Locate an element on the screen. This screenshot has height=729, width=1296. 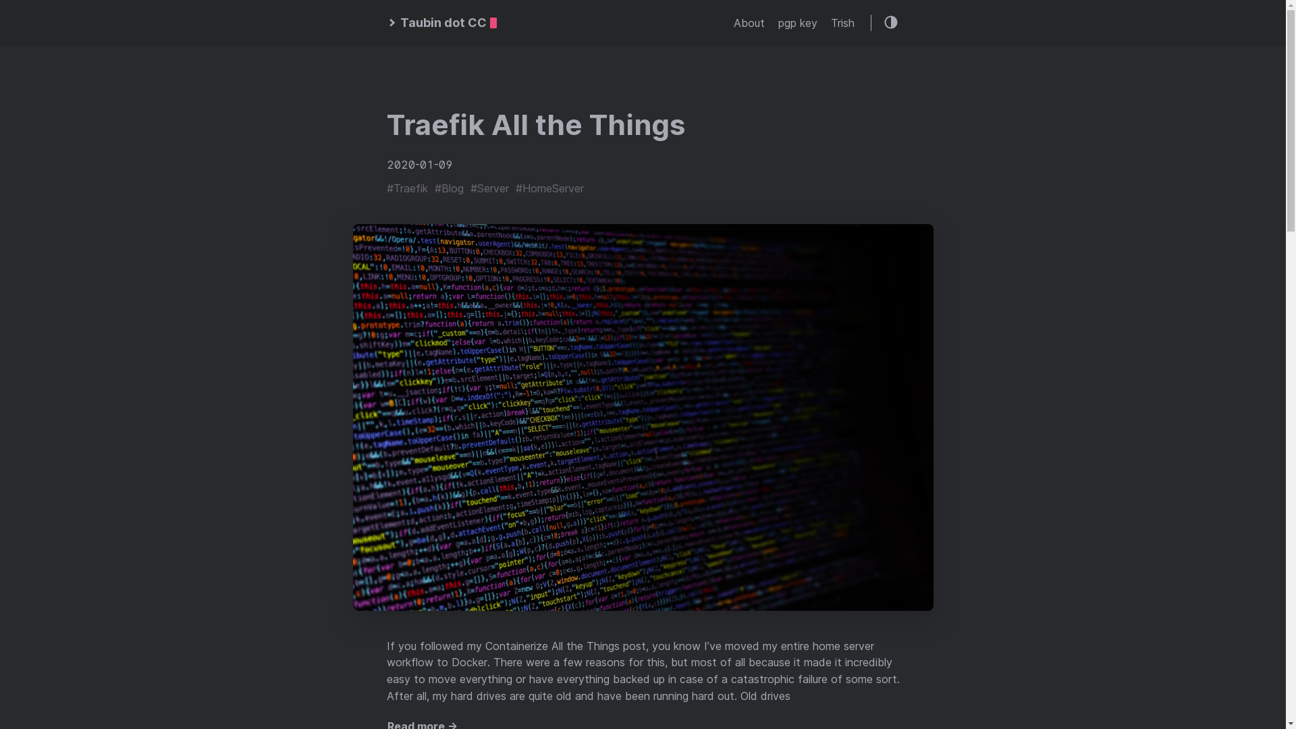
'Taubin dot CC' is located at coordinates (441, 23).